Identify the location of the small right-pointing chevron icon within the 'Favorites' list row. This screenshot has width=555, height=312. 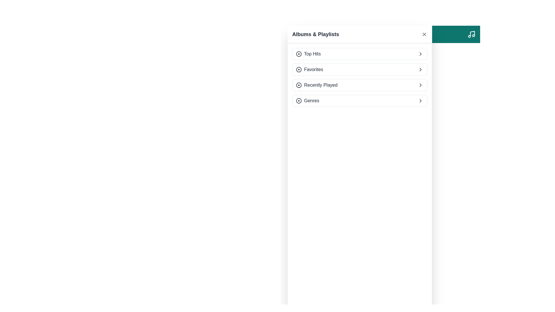
(420, 69).